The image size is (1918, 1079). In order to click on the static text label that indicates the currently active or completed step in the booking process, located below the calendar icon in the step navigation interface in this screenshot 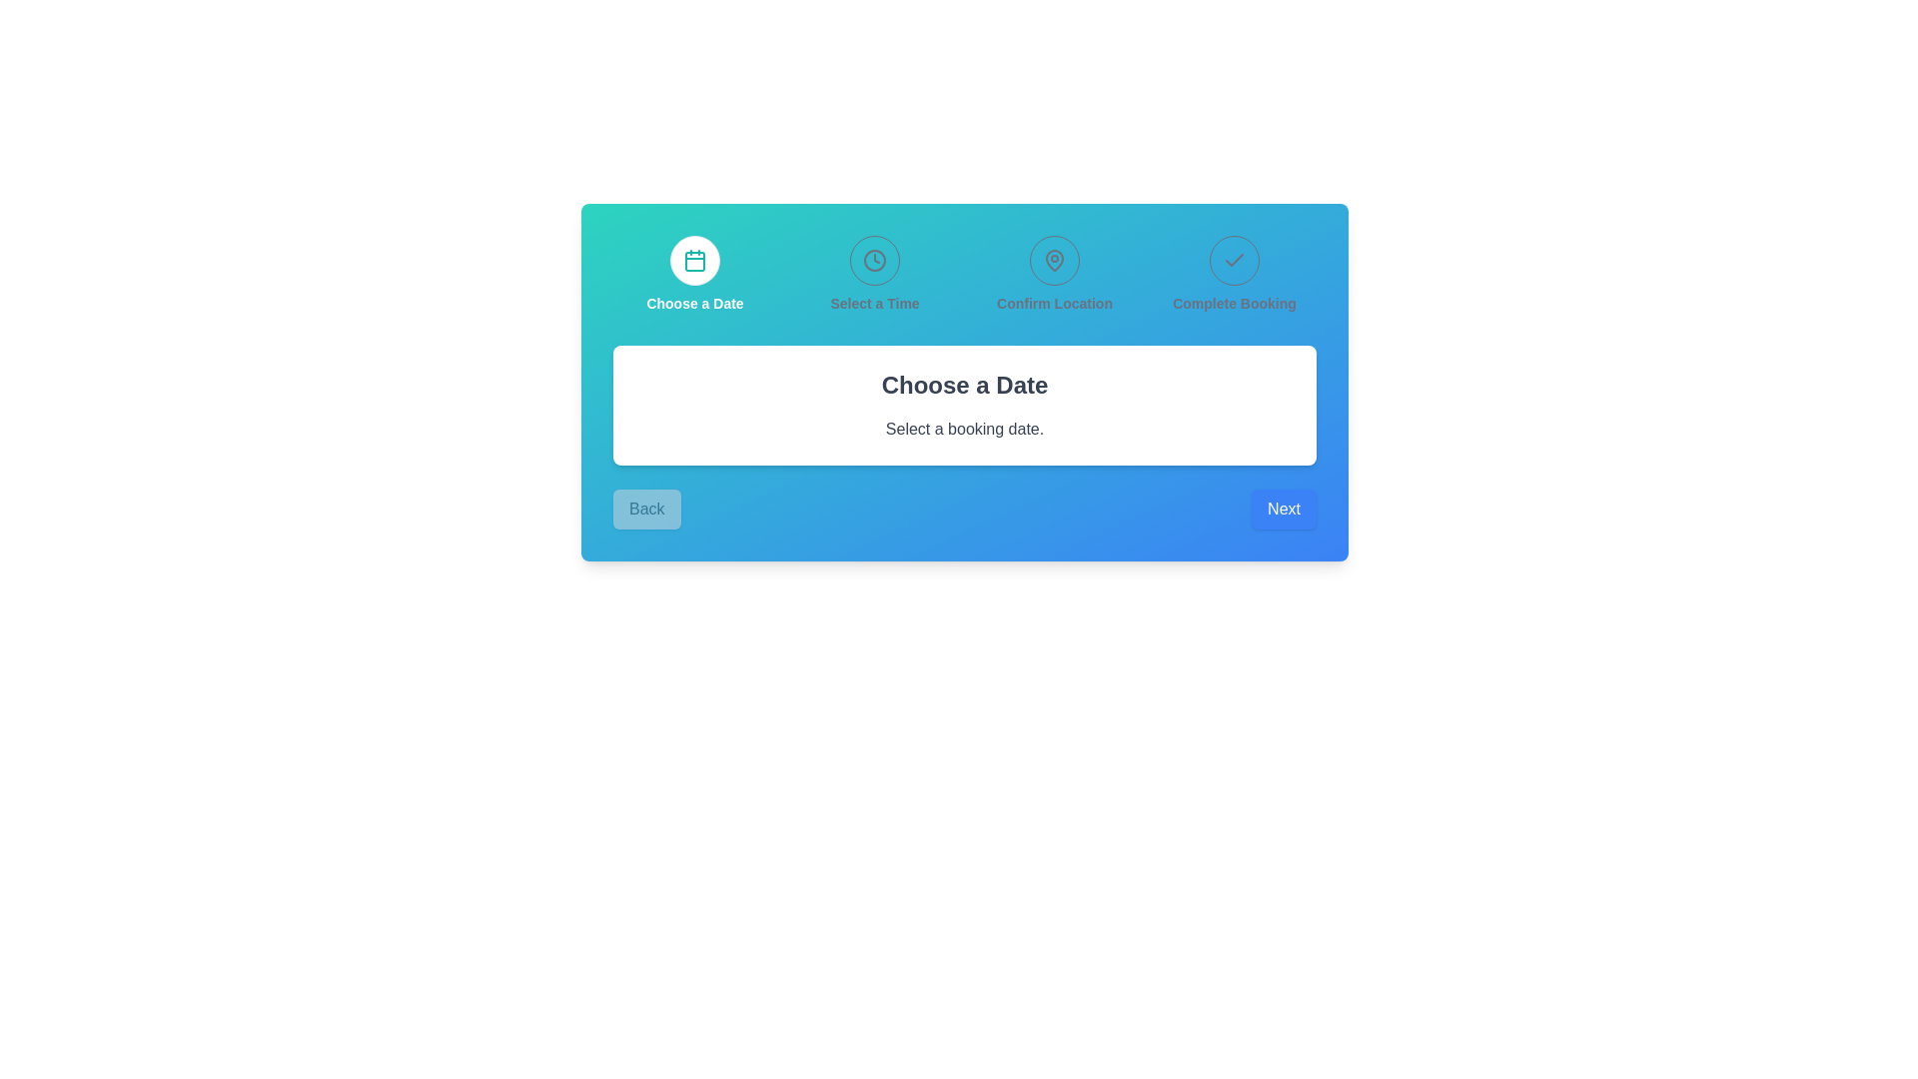, I will do `click(695, 304)`.